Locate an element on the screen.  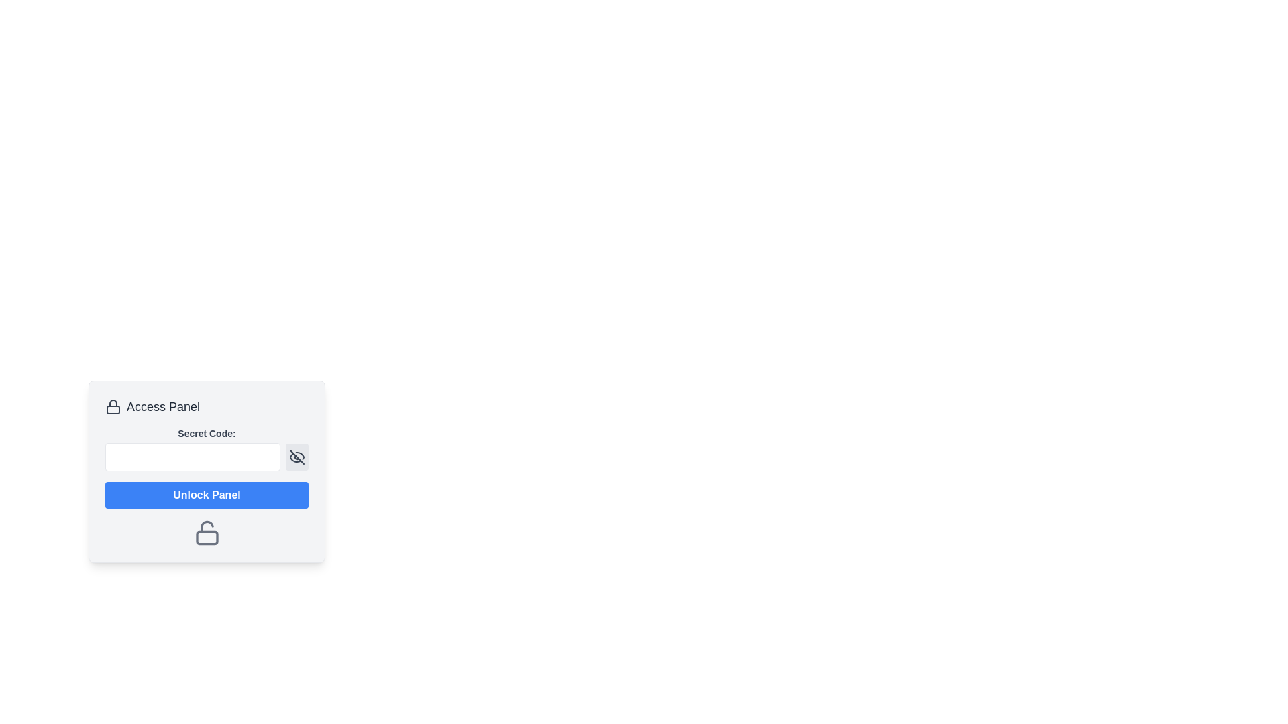
the opened lock icon, which is gray and located below the 'Unlock Panel' button within a bordered rectangle in the interface is located at coordinates (206, 532).